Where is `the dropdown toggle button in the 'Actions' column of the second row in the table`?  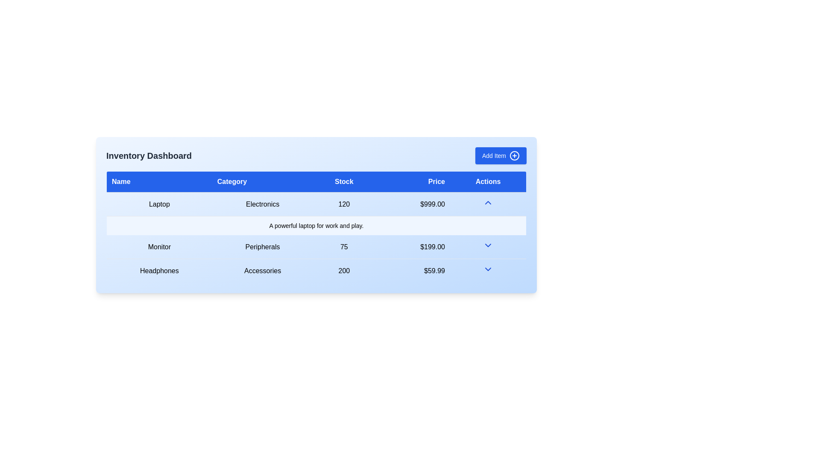 the dropdown toggle button in the 'Actions' column of the second row in the table is located at coordinates (488, 245).